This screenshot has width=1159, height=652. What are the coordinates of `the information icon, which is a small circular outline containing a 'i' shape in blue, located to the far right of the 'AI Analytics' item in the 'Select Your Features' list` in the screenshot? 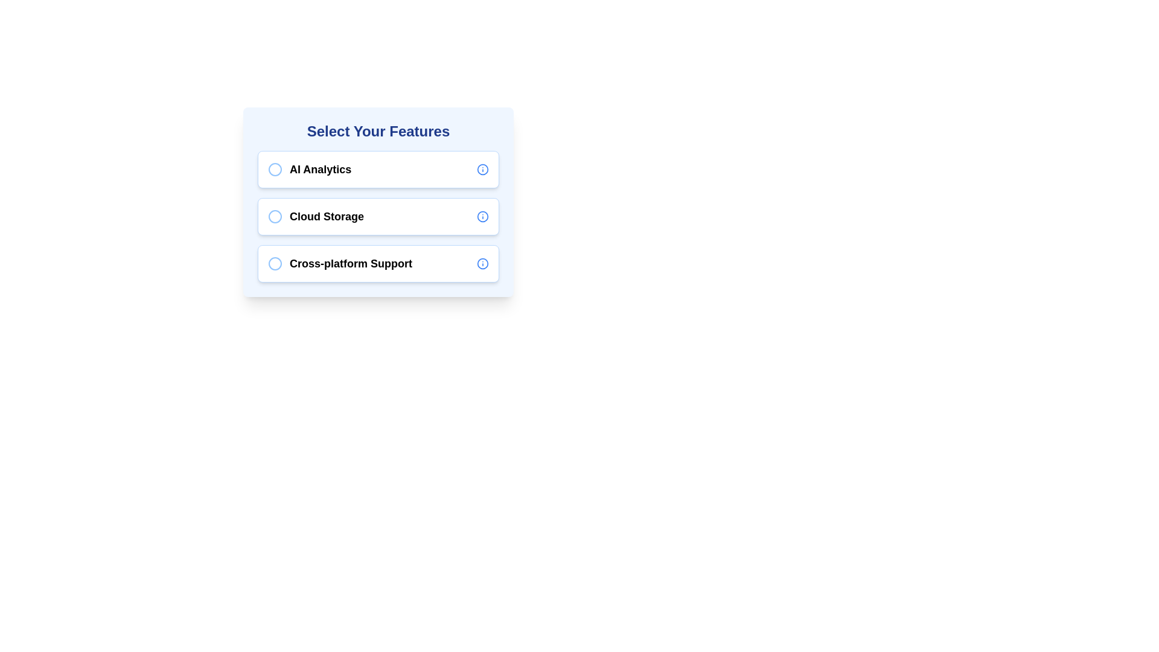 It's located at (483, 170).